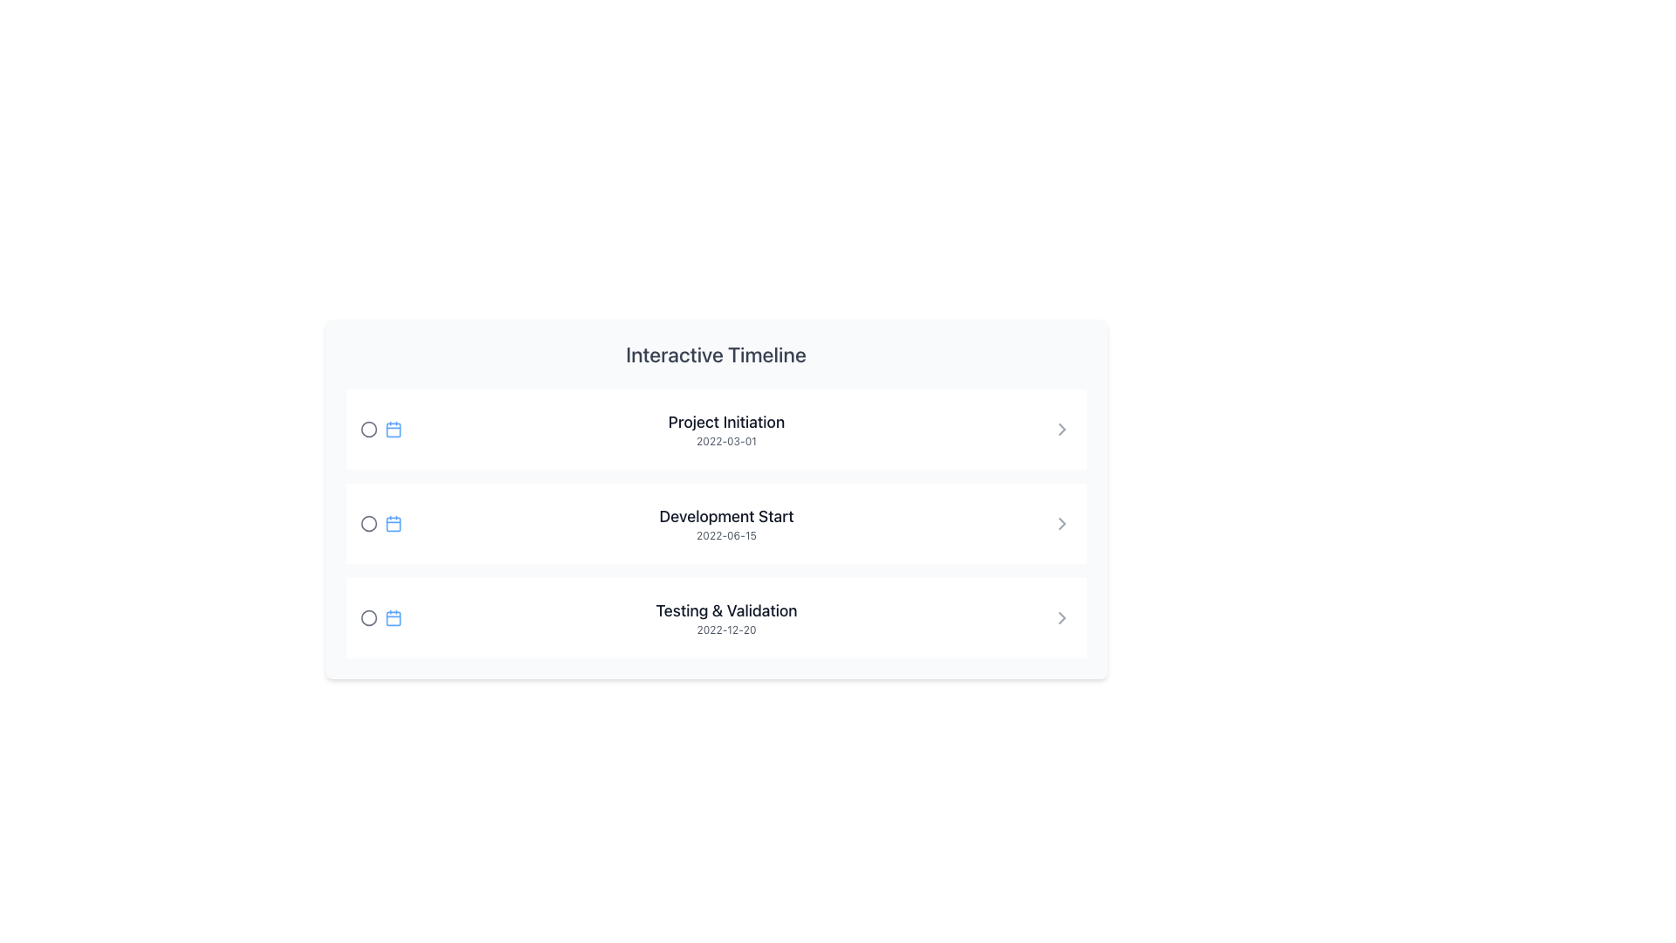 This screenshot has width=1676, height=943. I want to click on the calendar icon located at the top-left corner of the first row in the list layout, next to the 'Project Initiation 2022-03-01' label, so click(380, 430).